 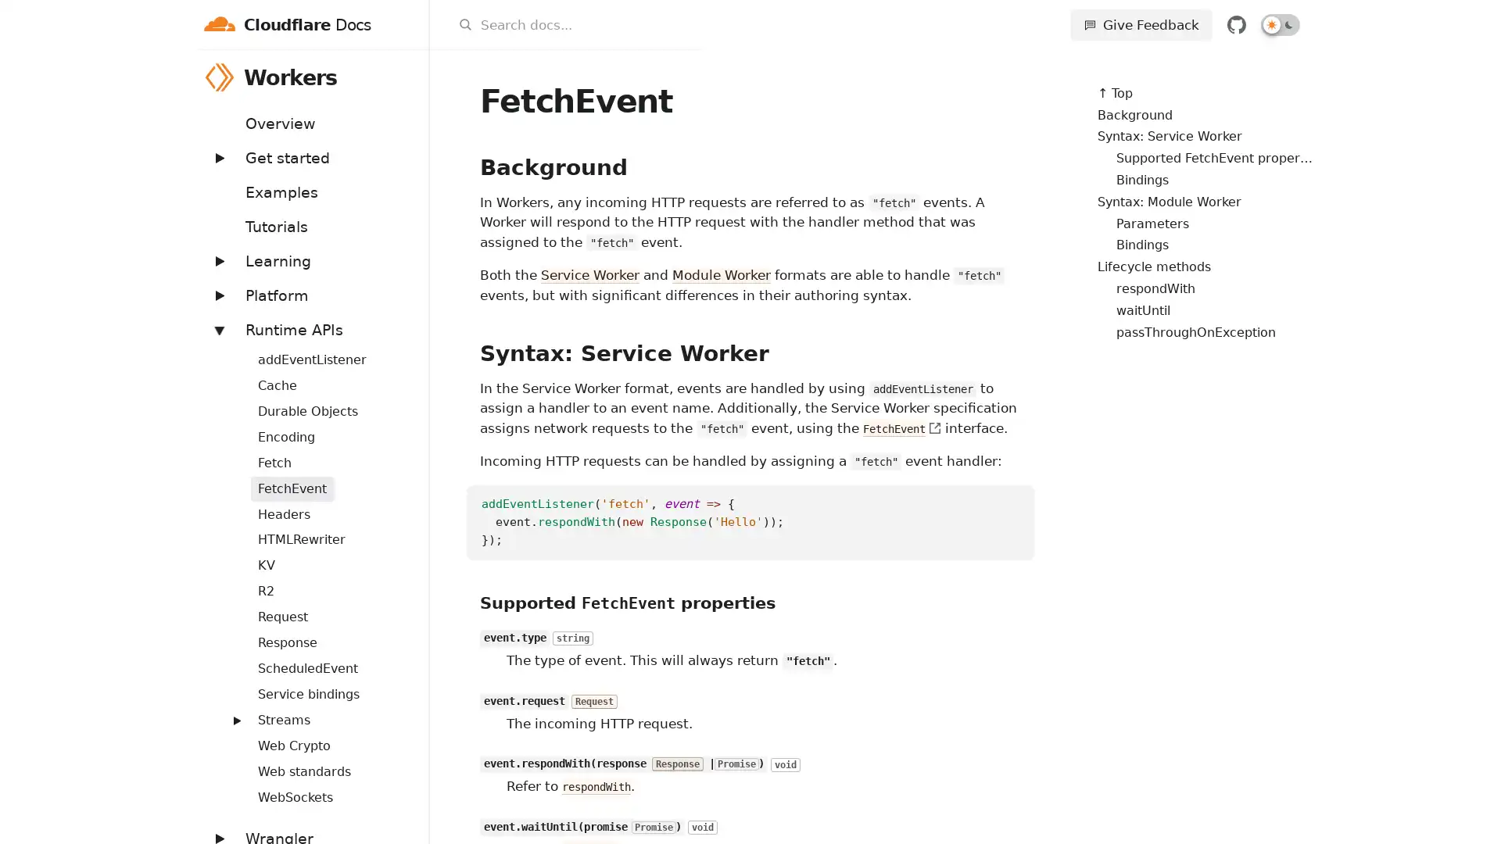 I want to click on Expand: Routing, so click(x=227, y=660).